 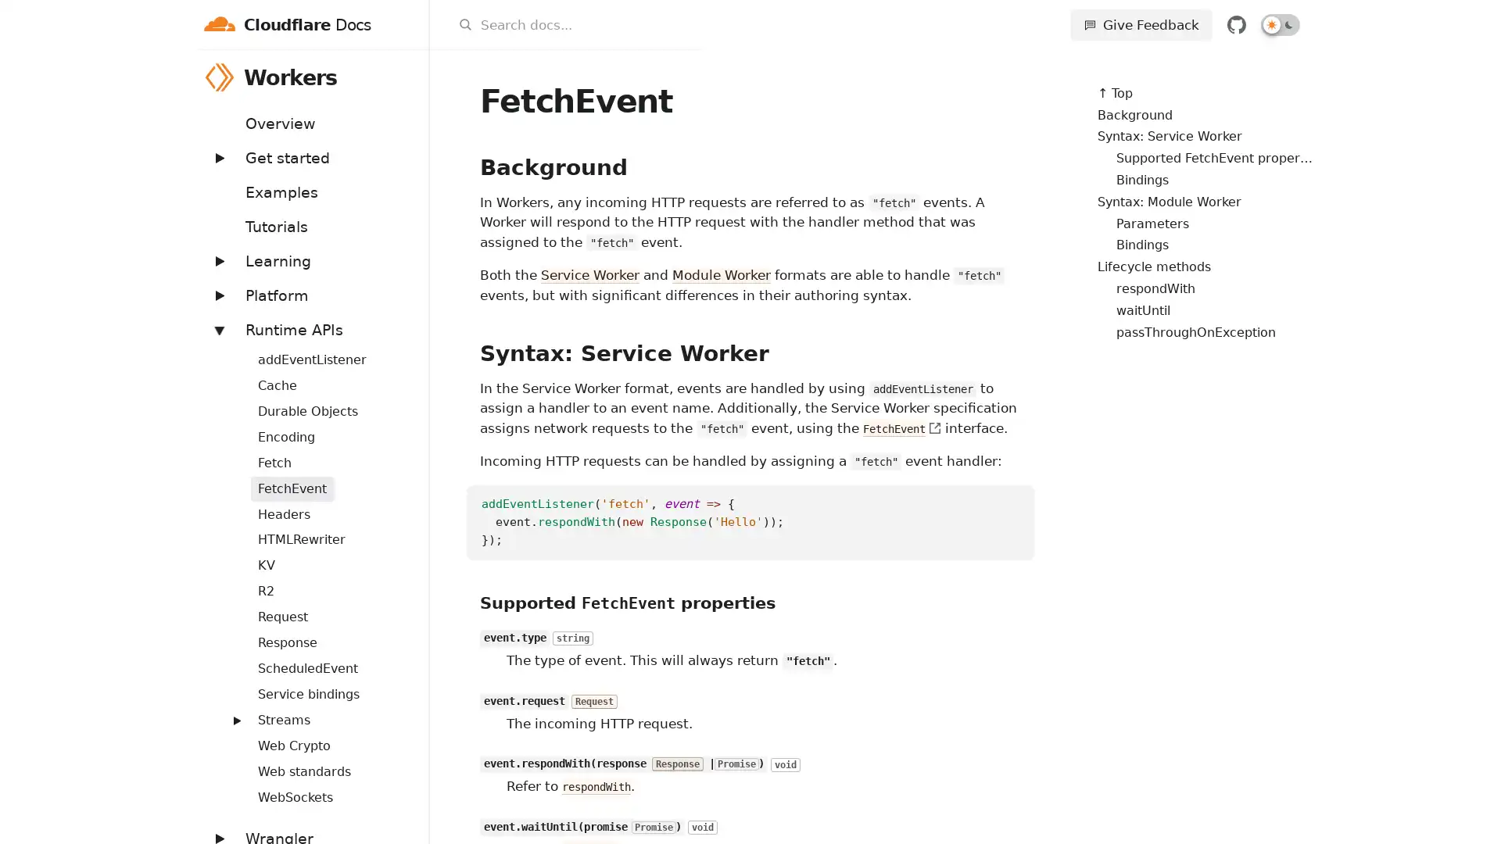 I want to click on Expand: Routing, so click(x=227, y=660).